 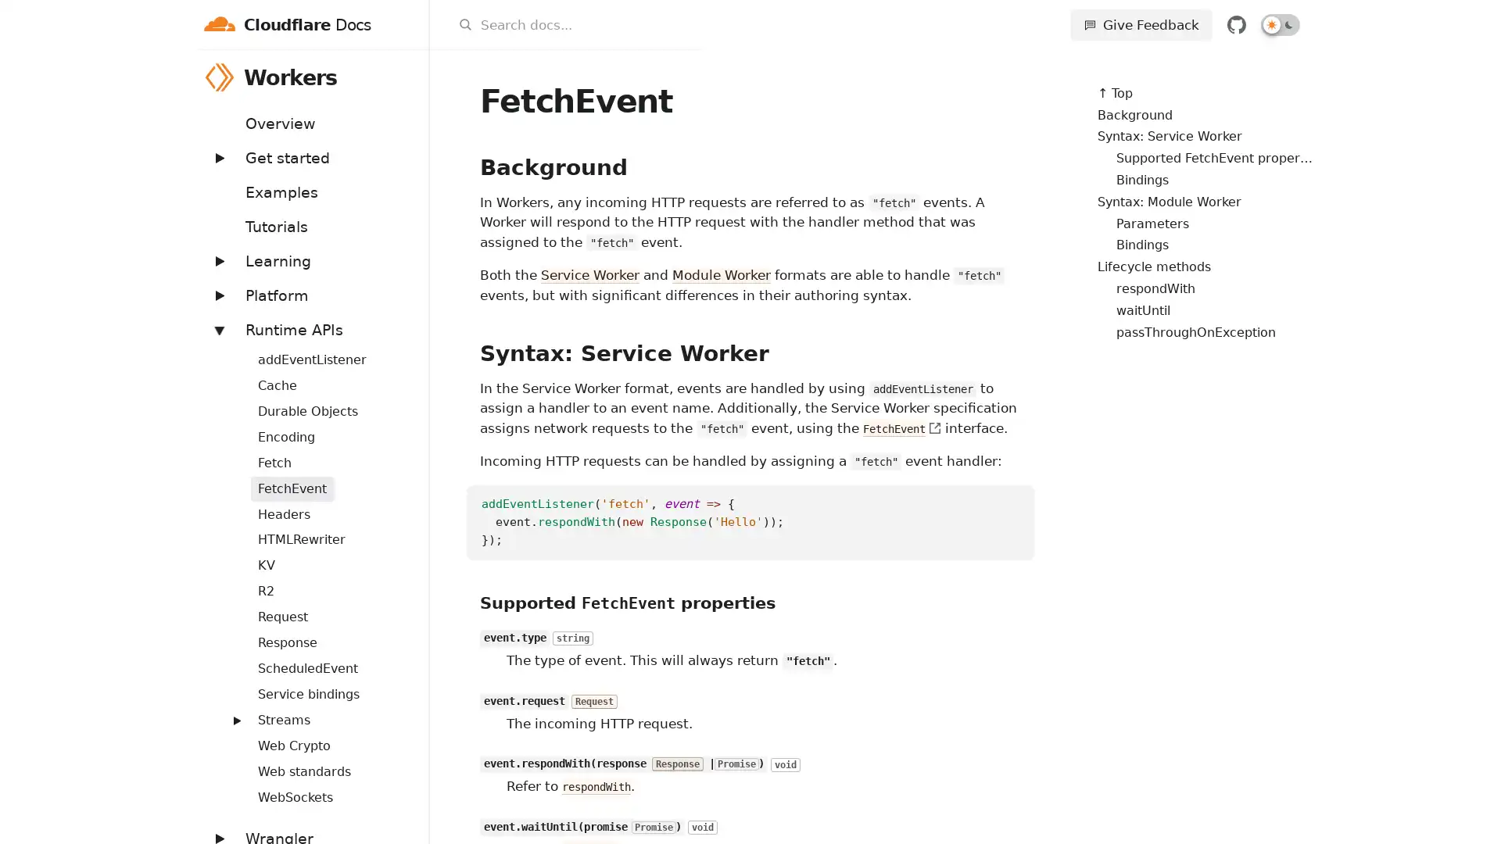 I want to click on Expand: Routing, so click(x=227, y=660).